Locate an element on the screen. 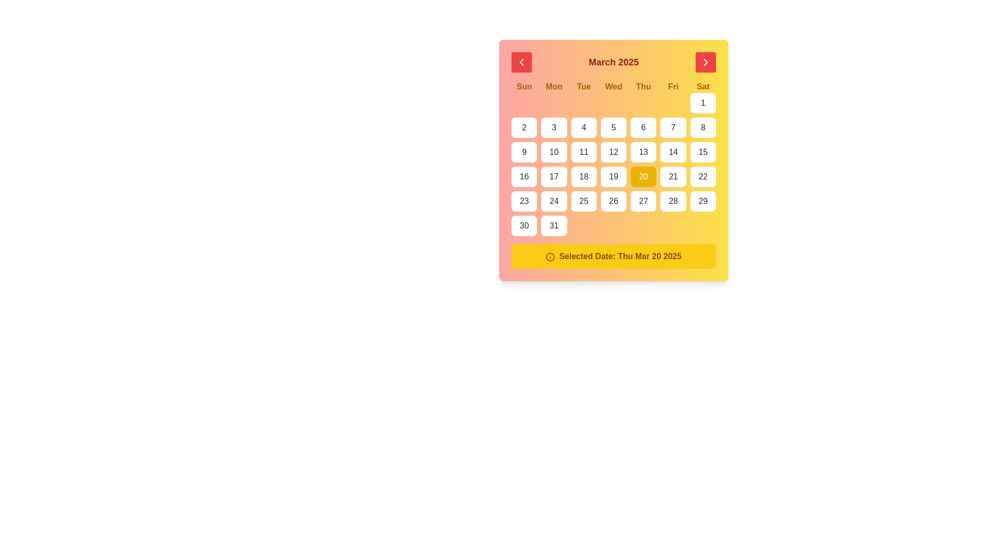  the date button located in the fourth row and second column of the calendar widget is located at coordinates (553, 176).